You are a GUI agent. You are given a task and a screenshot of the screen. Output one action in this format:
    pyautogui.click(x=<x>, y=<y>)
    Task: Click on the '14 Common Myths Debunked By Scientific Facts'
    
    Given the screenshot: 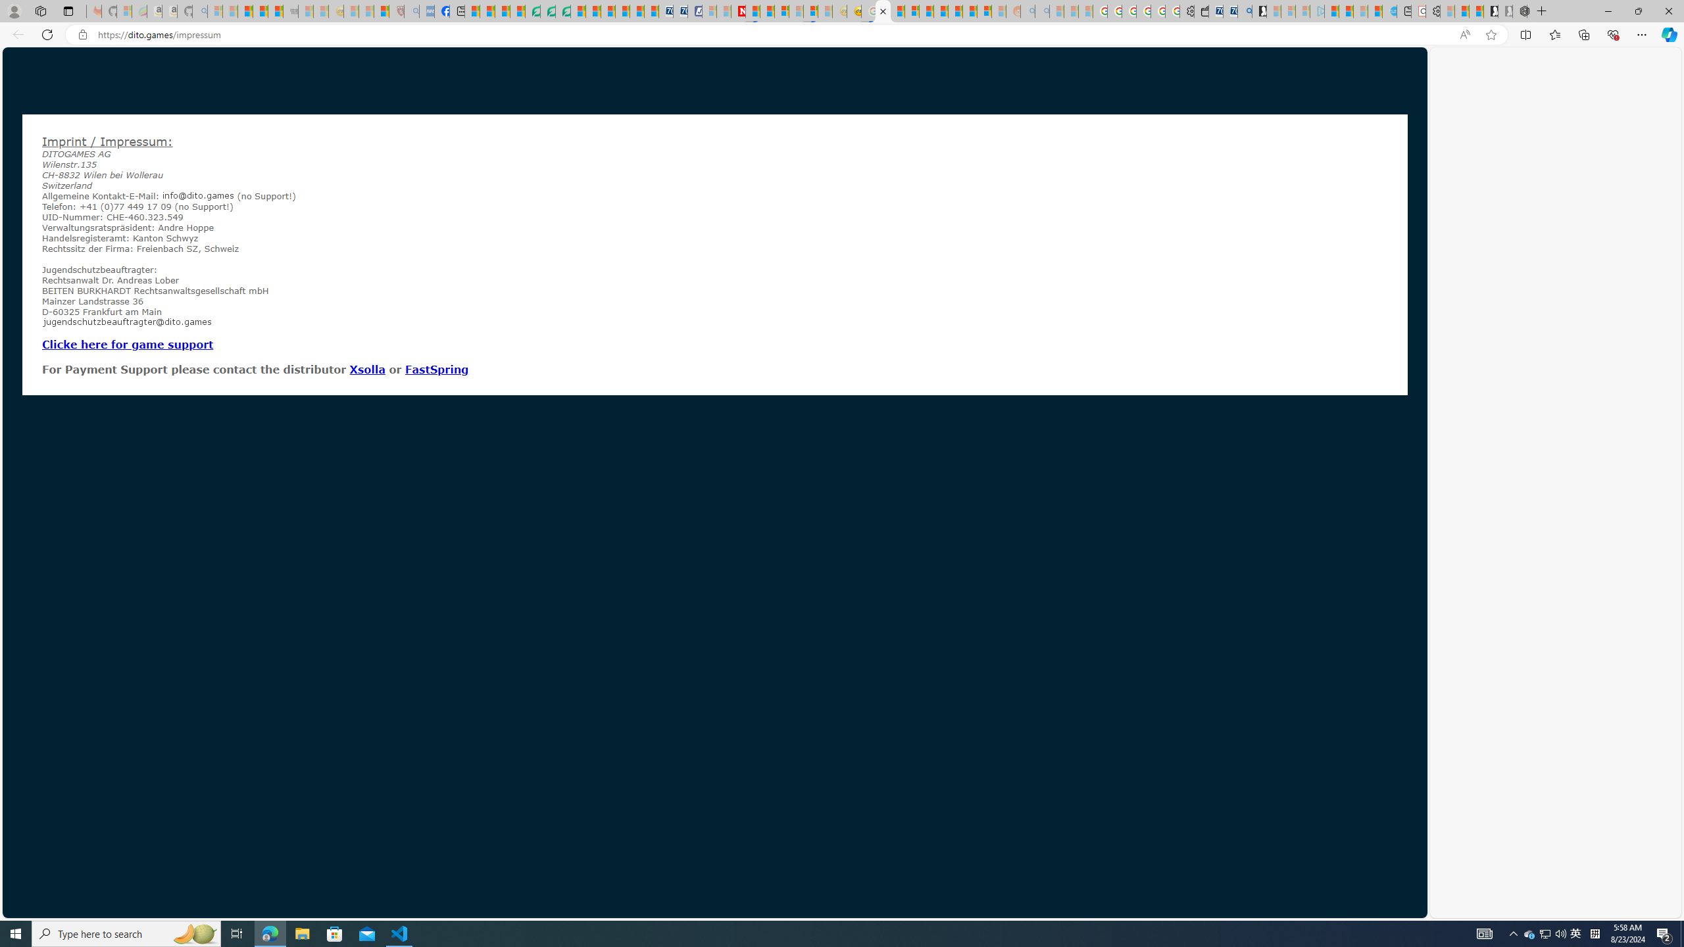 What is the action you would take?
    pyautogui.click(x=766, y=11)
    